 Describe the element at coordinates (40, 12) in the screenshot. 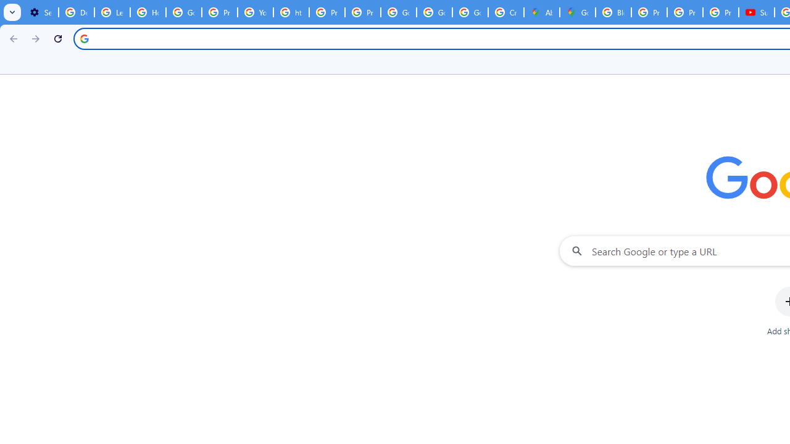

I see `'Settings - Customize profile'` at that location.